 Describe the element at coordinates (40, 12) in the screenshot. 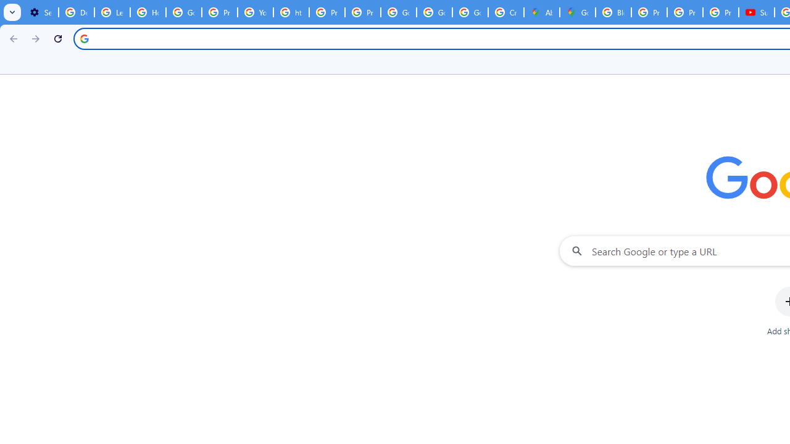

I see `'Settings - Customize profile'` at that location.